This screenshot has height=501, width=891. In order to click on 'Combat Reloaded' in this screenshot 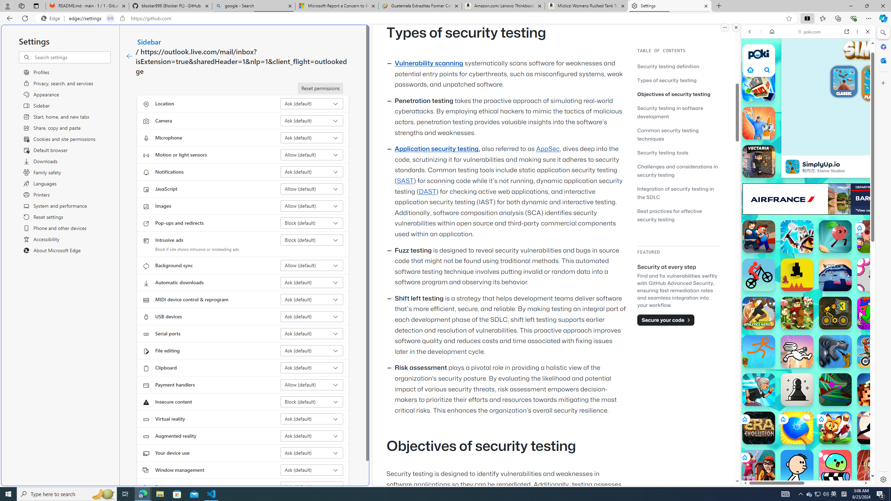, I will do `click(826, 320)`.